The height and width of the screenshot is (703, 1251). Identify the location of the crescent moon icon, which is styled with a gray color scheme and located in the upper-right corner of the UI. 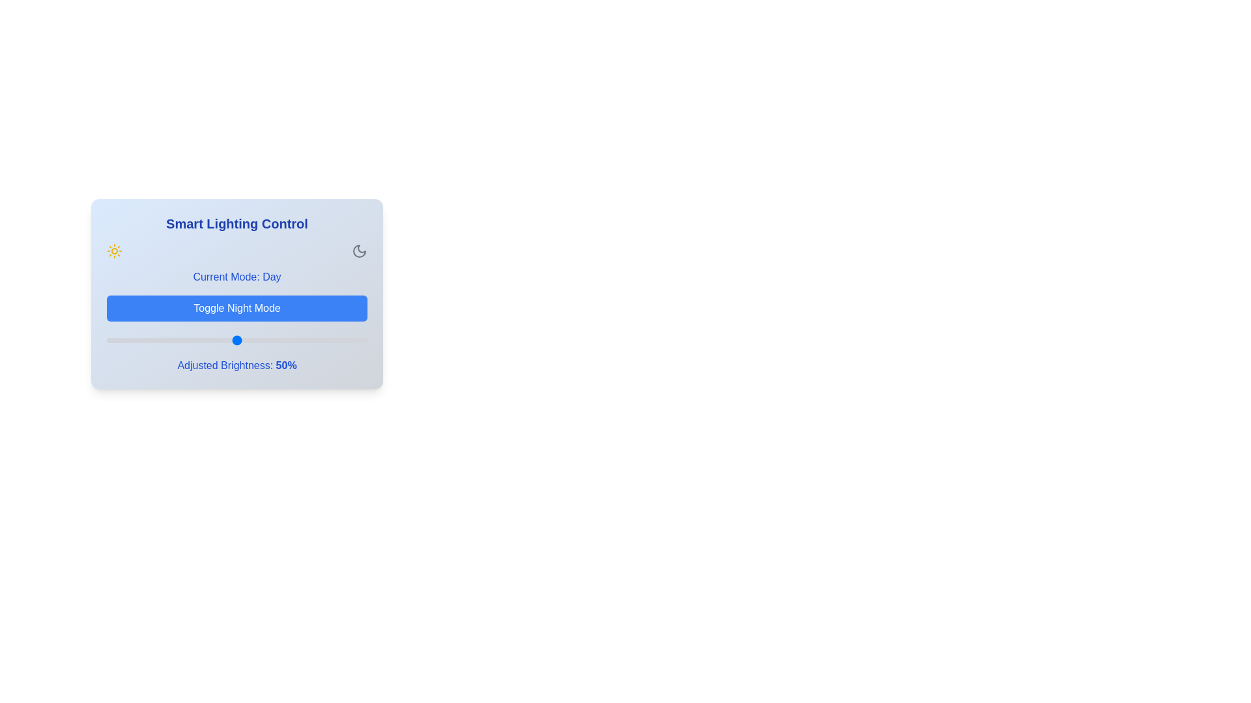
(360, 251).